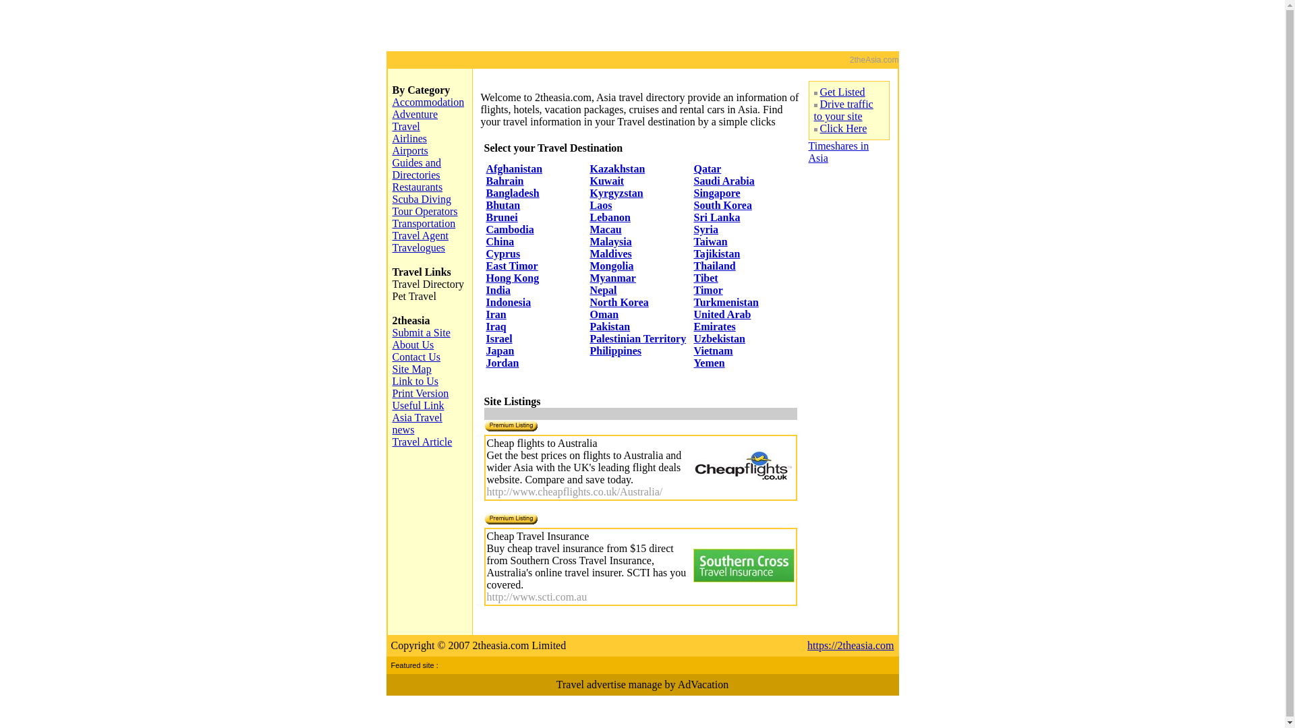 This screenshot has height=728, width=1295. Describe the element at coordinates (589, 289) in the screenshot. I see `'Nepal'` at that location.